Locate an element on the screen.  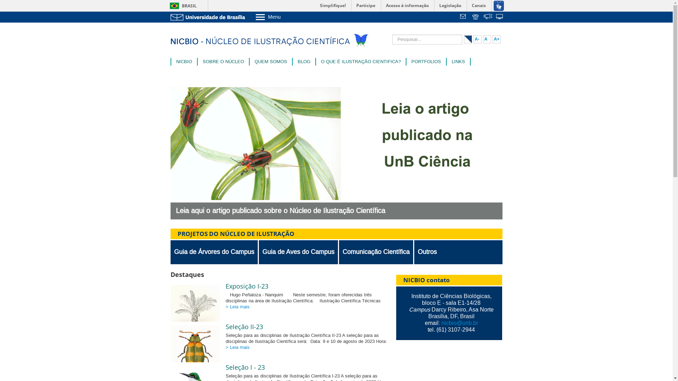
'Webmail' is located at coordinates (464, 17).